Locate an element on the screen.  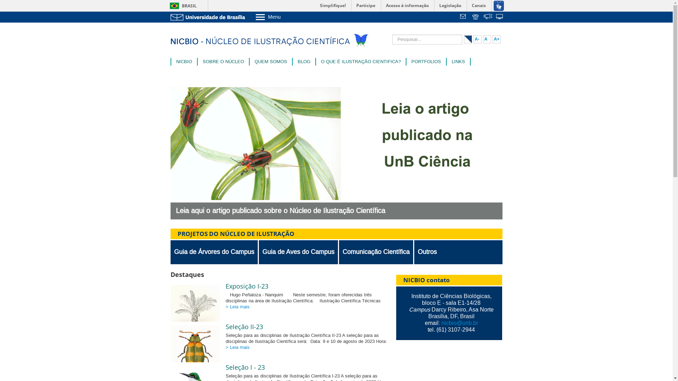
'Webmail' is located at coordinates (464, 17).